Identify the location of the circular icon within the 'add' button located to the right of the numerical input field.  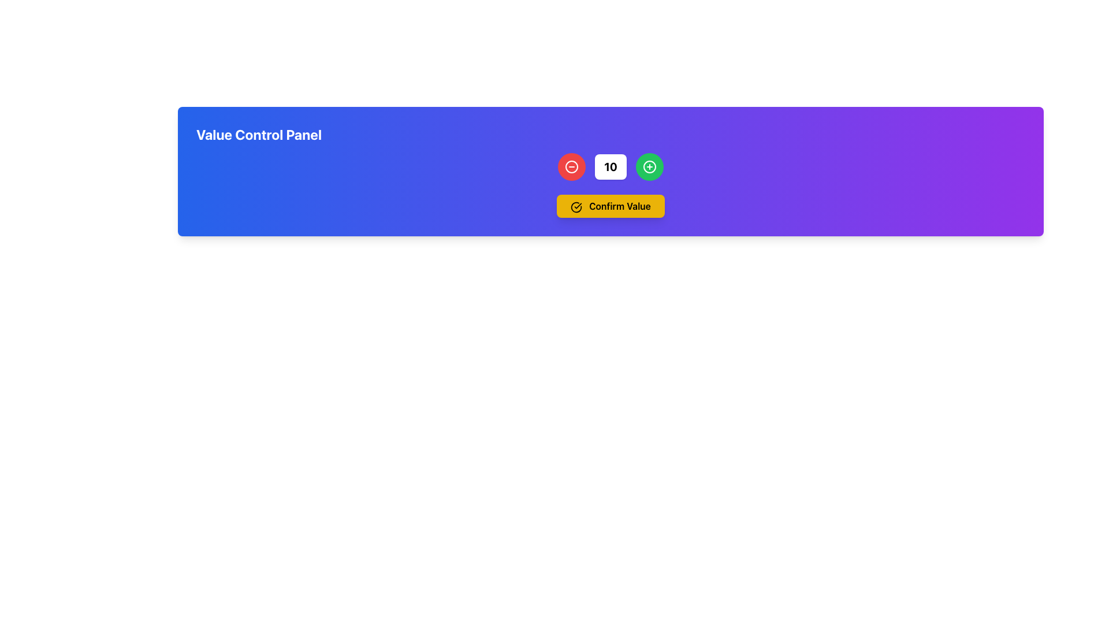
(649, 167).